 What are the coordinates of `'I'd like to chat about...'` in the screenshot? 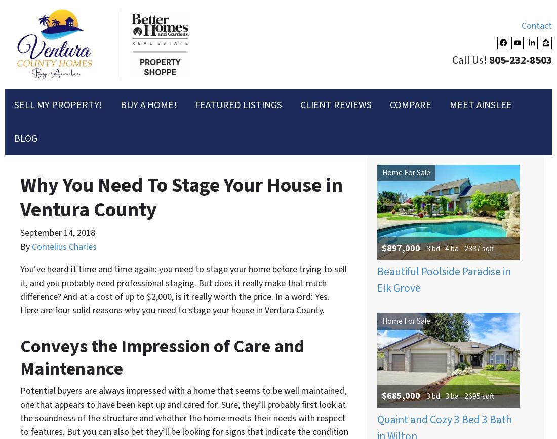 It's located at (73, 21).